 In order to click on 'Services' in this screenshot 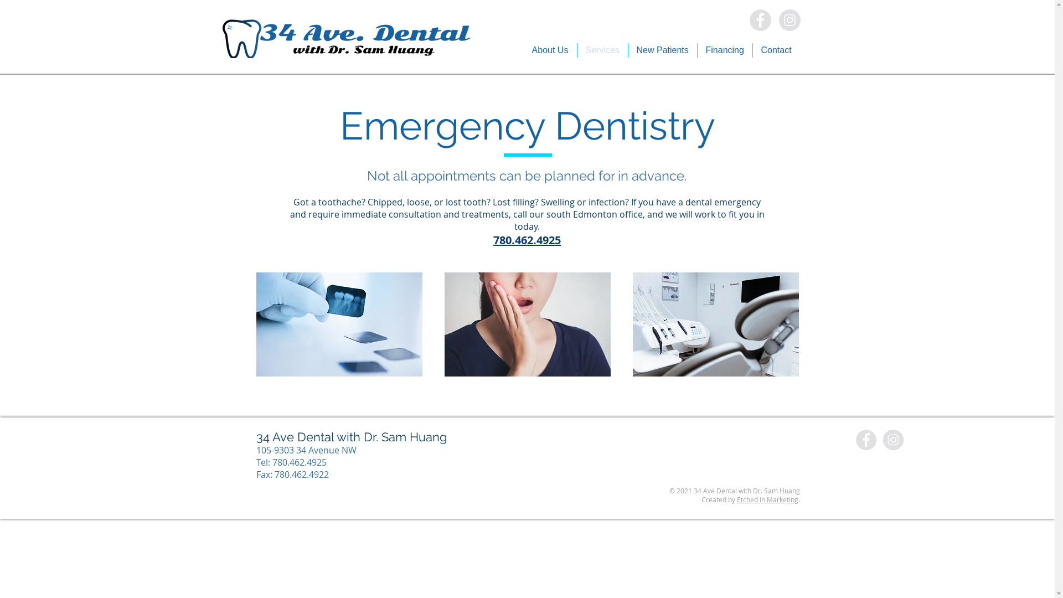, I will do `click(601, 50)`.